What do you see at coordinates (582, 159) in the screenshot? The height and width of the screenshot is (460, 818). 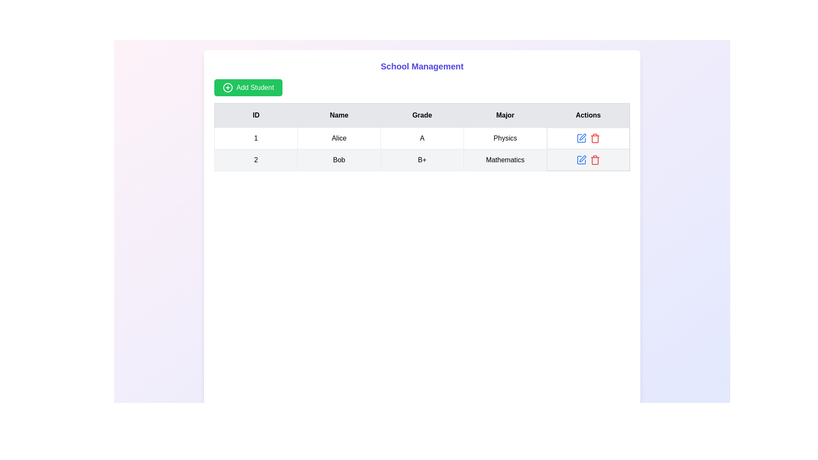 I see `the Edit icon button in the Actions column of the second row for the entry associated with 'Bob', 'Mathematics'` at bounding box center [582, 159].